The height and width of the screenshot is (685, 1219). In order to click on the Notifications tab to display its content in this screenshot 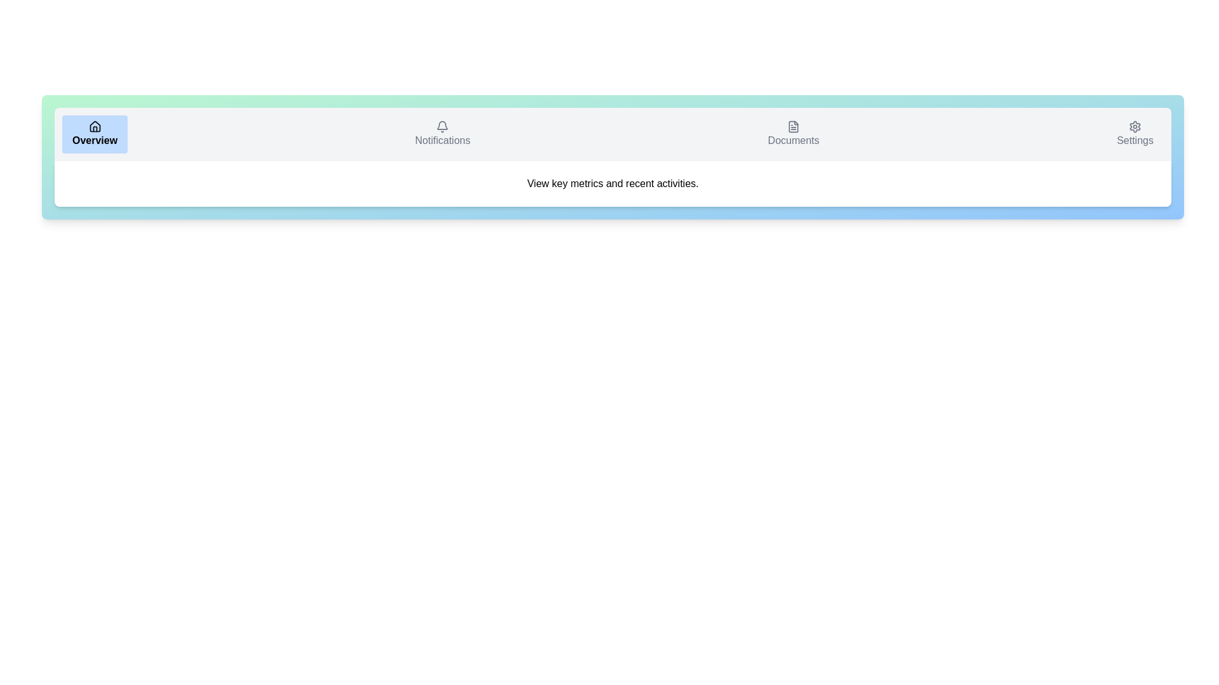, I will do `click(443, 134)`.